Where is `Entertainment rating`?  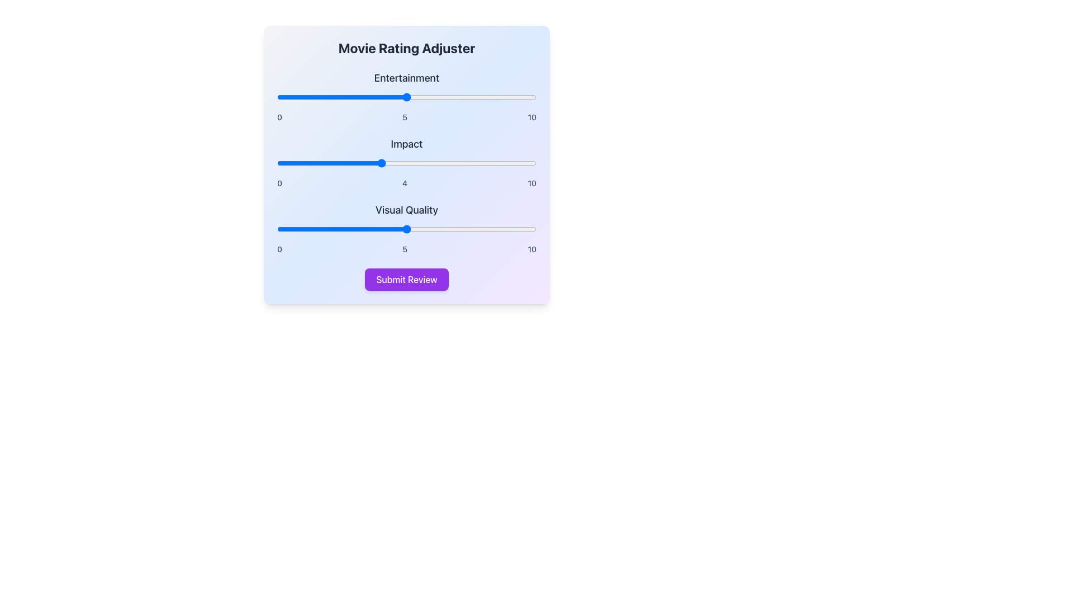 Entertainment rating is located at coordinates (381, 96).